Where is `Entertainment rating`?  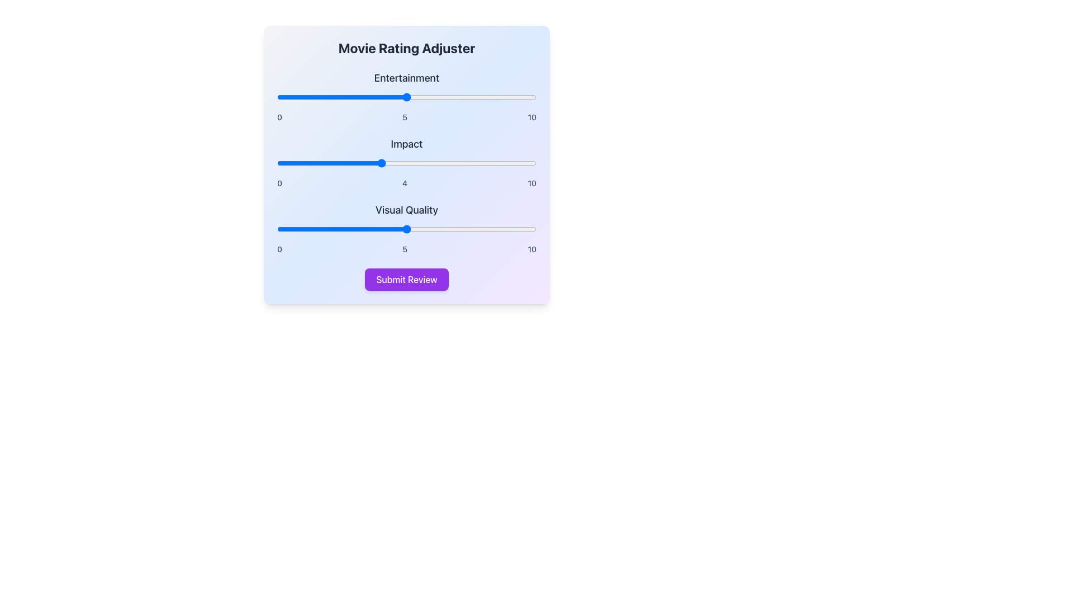 Entertainment rating is located at coordinates (381, 96).